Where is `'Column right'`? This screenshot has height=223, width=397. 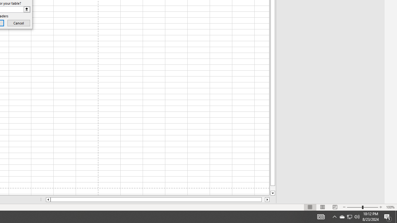
'Column right' is located at coordinates (267, 199).